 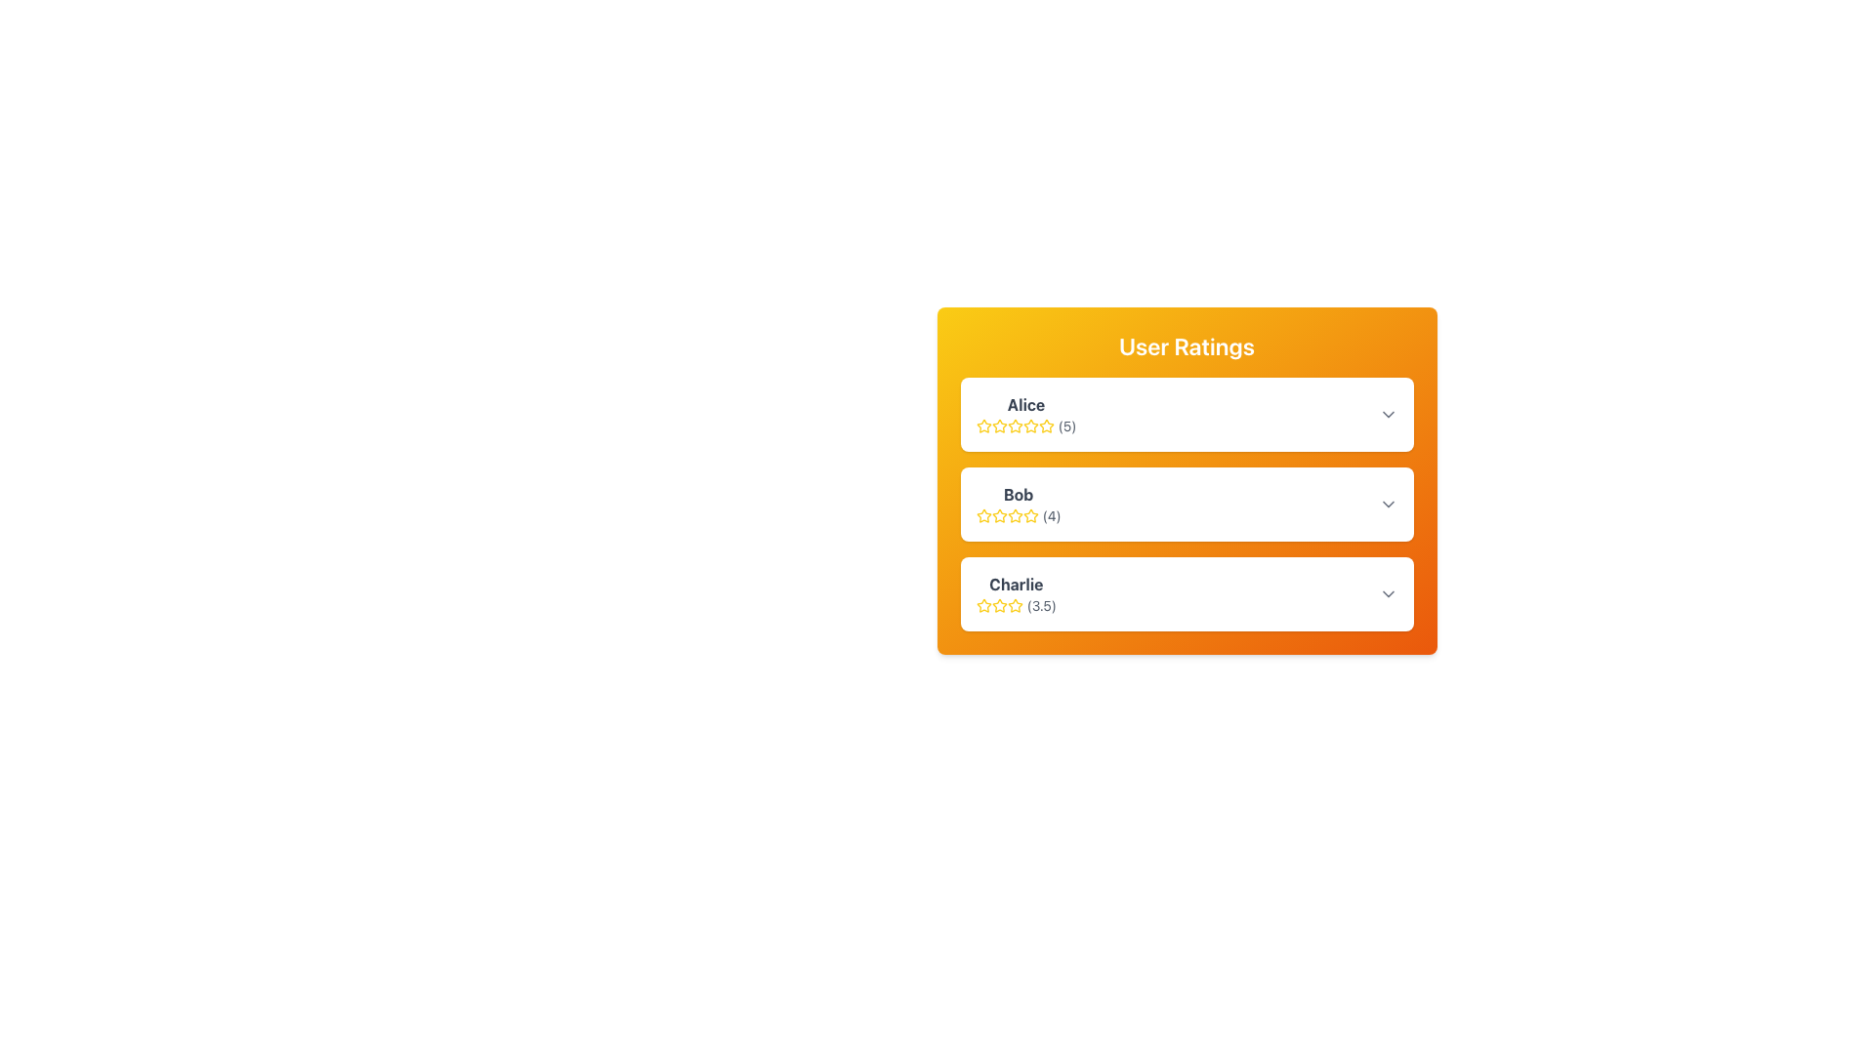 What do you see at coordinates (1387, 413) in the screenshot?
I see `the chevron icon located at the extreme right of the card displaying 'Alice(5)' and star ratings` at bounding box center [1387, 413].